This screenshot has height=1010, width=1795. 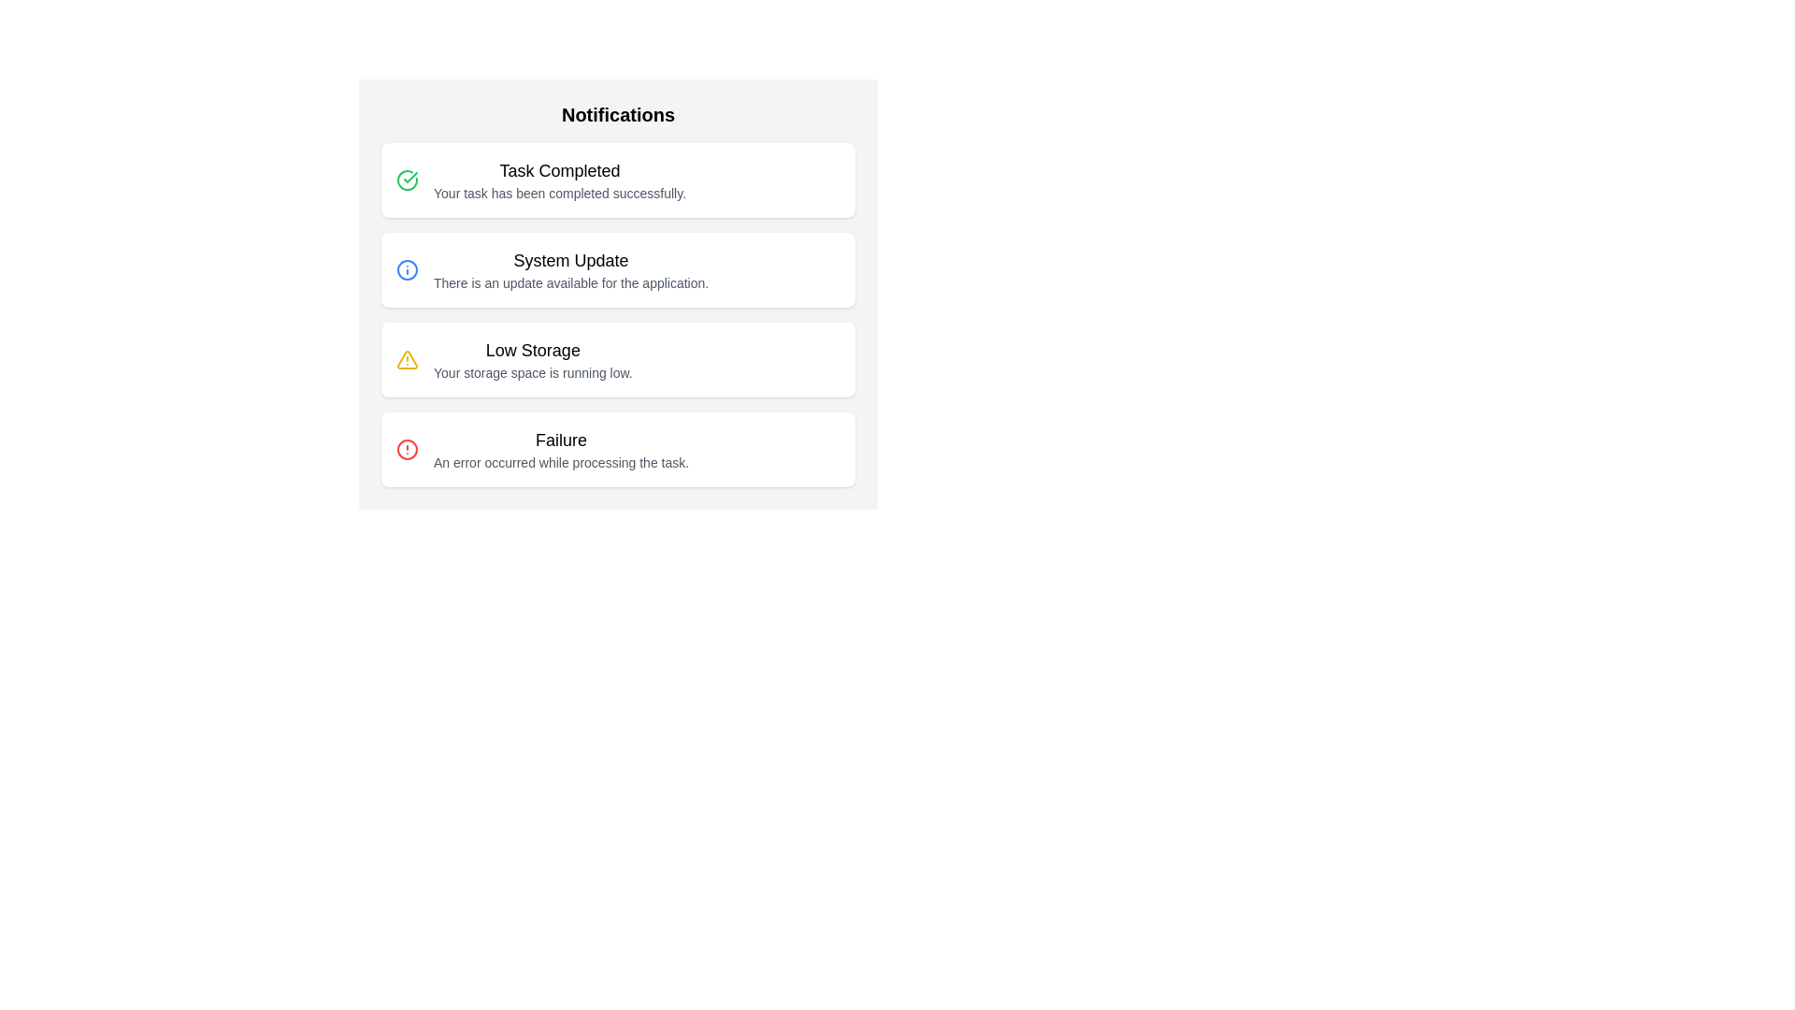 What do you see at coordinates (570, 270) in the screenshot?
I see `the static text display element containing the header 'System Update' and subtext 'There is an update available for the application.'` at bounding box center [570, 270].